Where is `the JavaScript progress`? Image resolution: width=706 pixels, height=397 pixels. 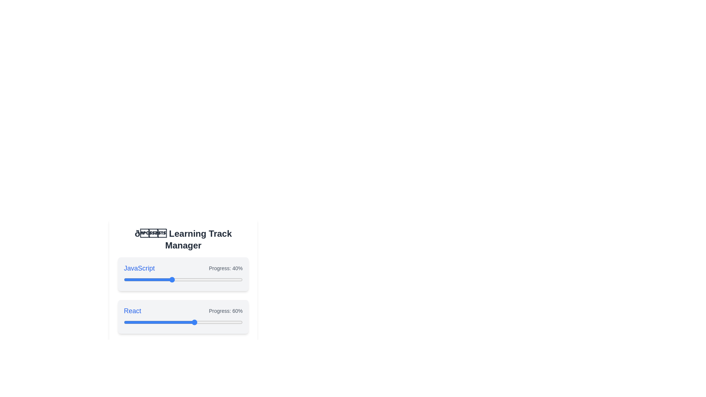 the JavaScript progress is located at coordinates (167, 279).